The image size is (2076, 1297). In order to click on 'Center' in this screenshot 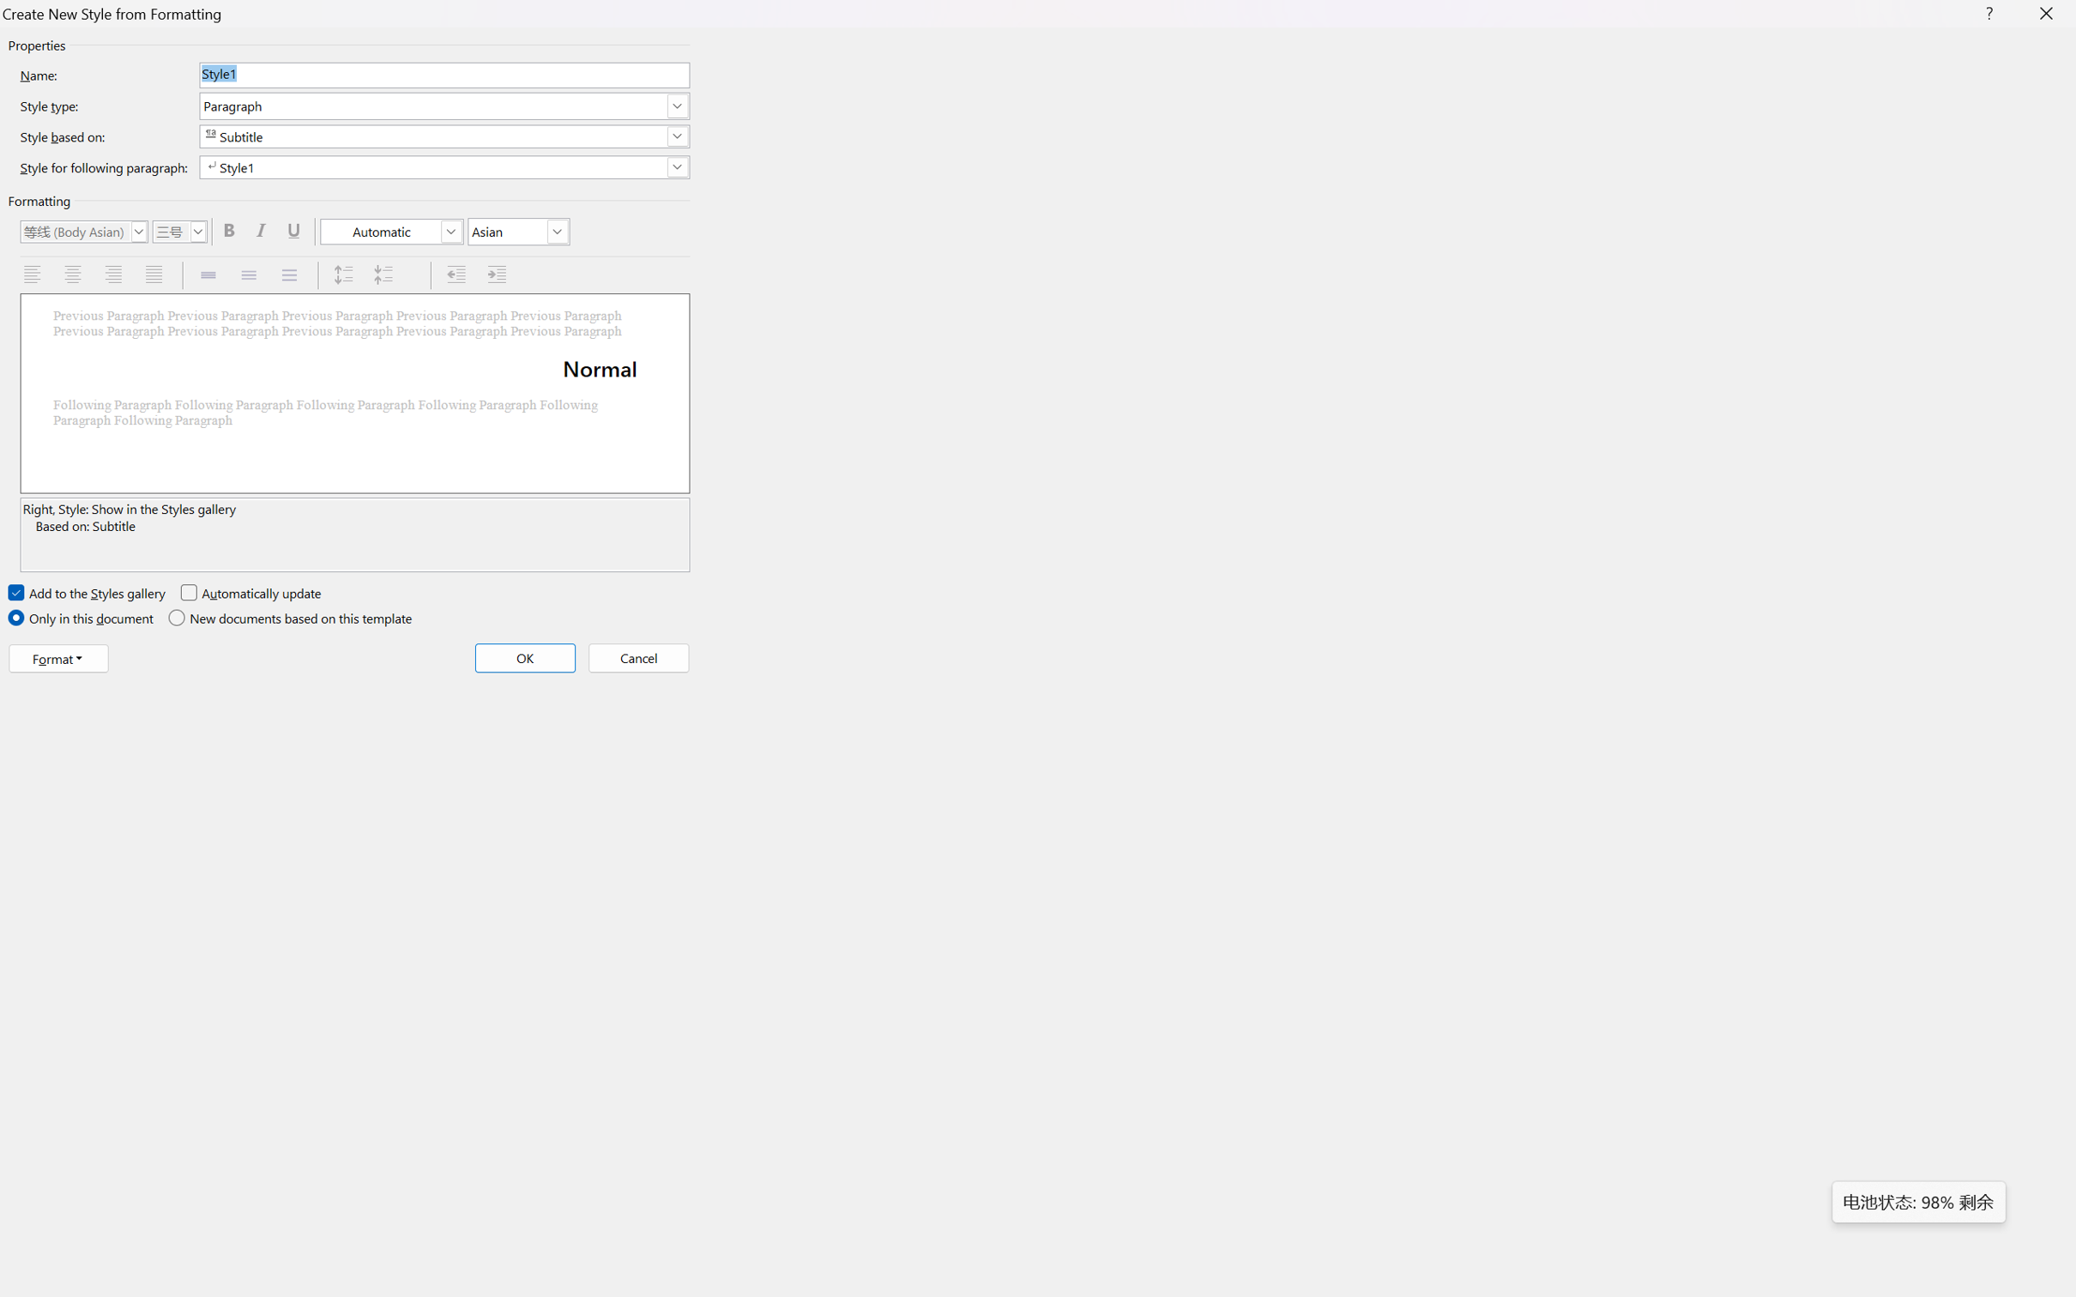, I will do `click(74, 274)`.